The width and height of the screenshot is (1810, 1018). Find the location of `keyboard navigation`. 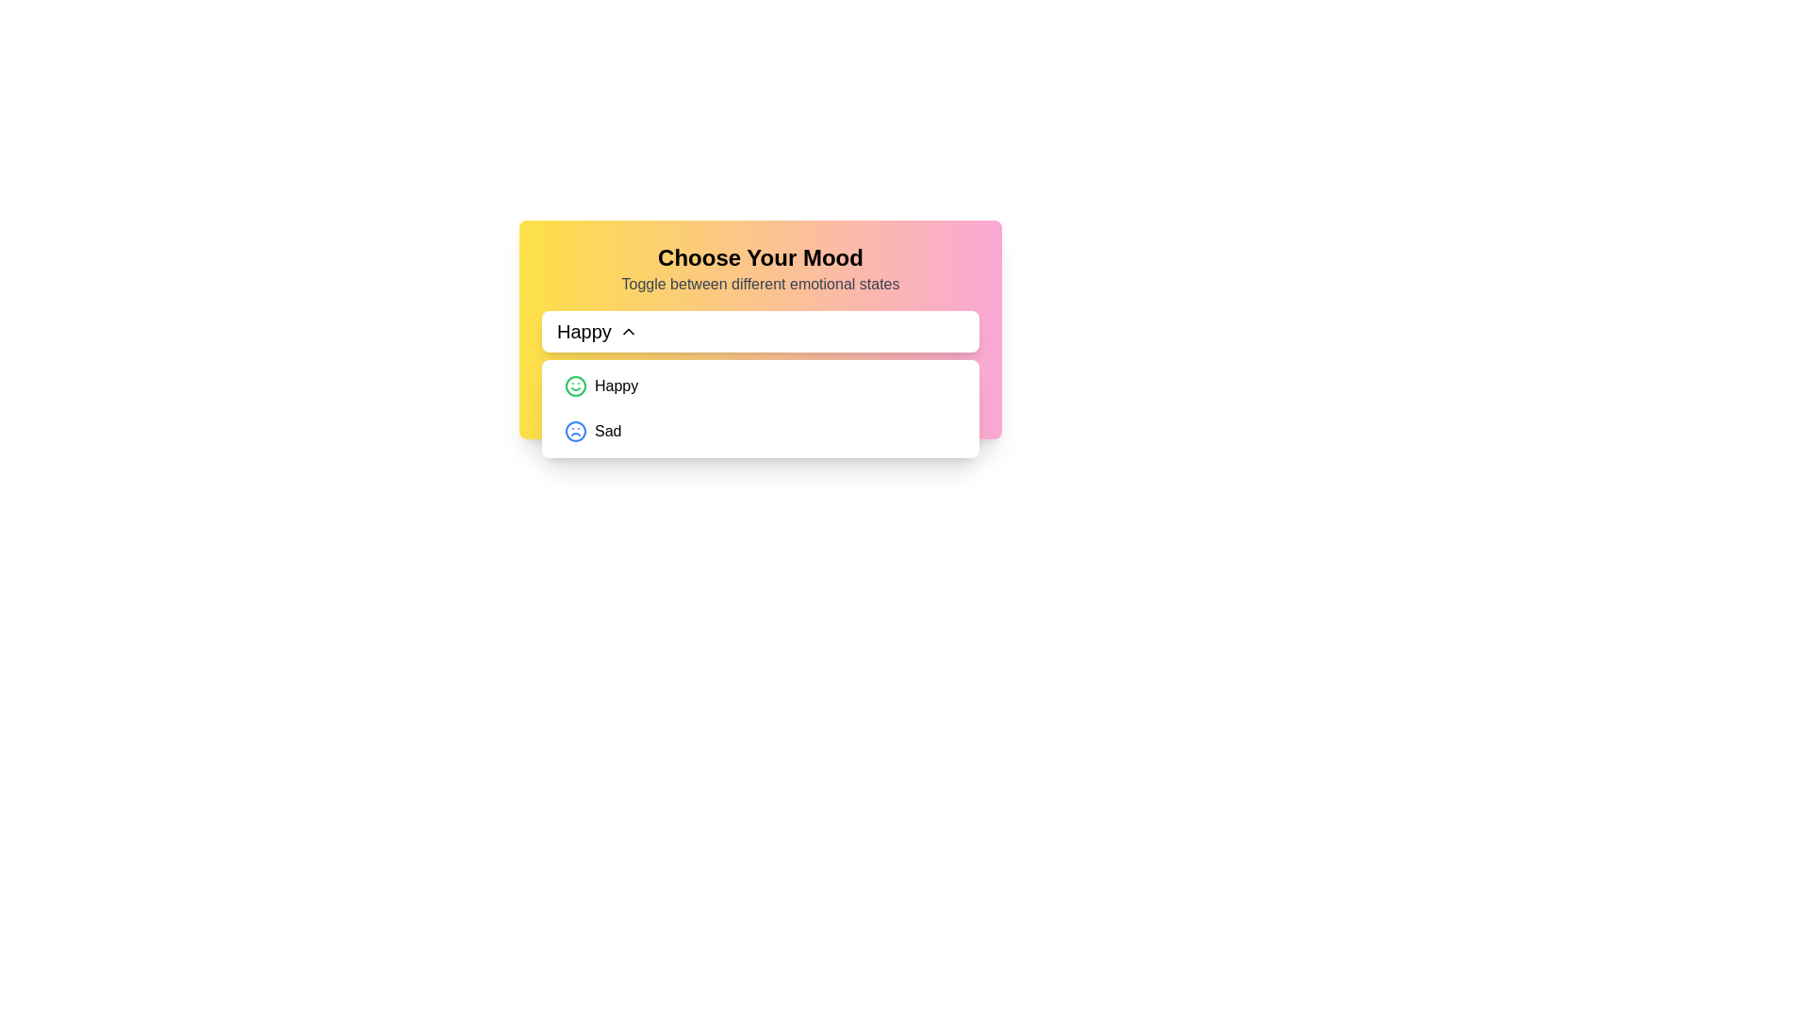

keyboard navigation is located at coordinates (760, 330).